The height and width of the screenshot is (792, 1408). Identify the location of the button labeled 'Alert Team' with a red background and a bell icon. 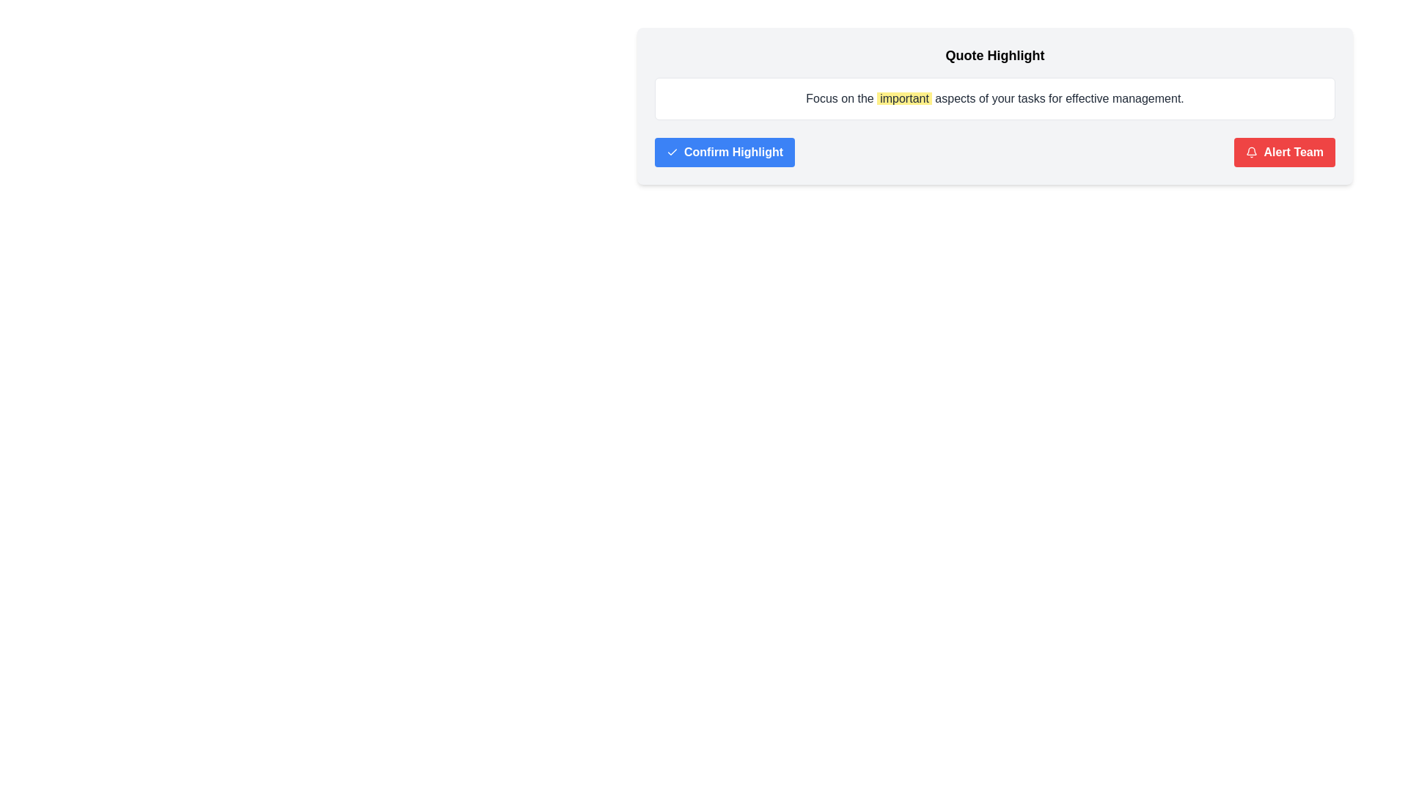
(1284, 153).